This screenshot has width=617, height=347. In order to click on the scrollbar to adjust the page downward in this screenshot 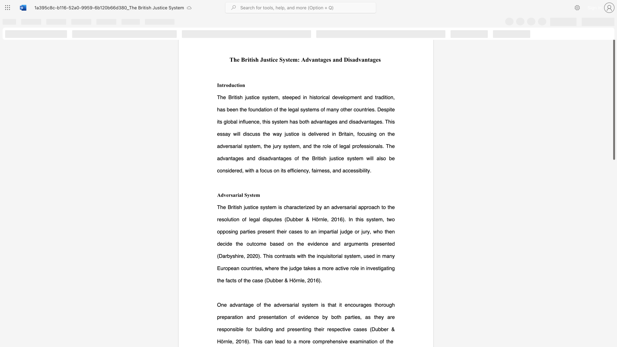, I will do `click(613, 314)`.